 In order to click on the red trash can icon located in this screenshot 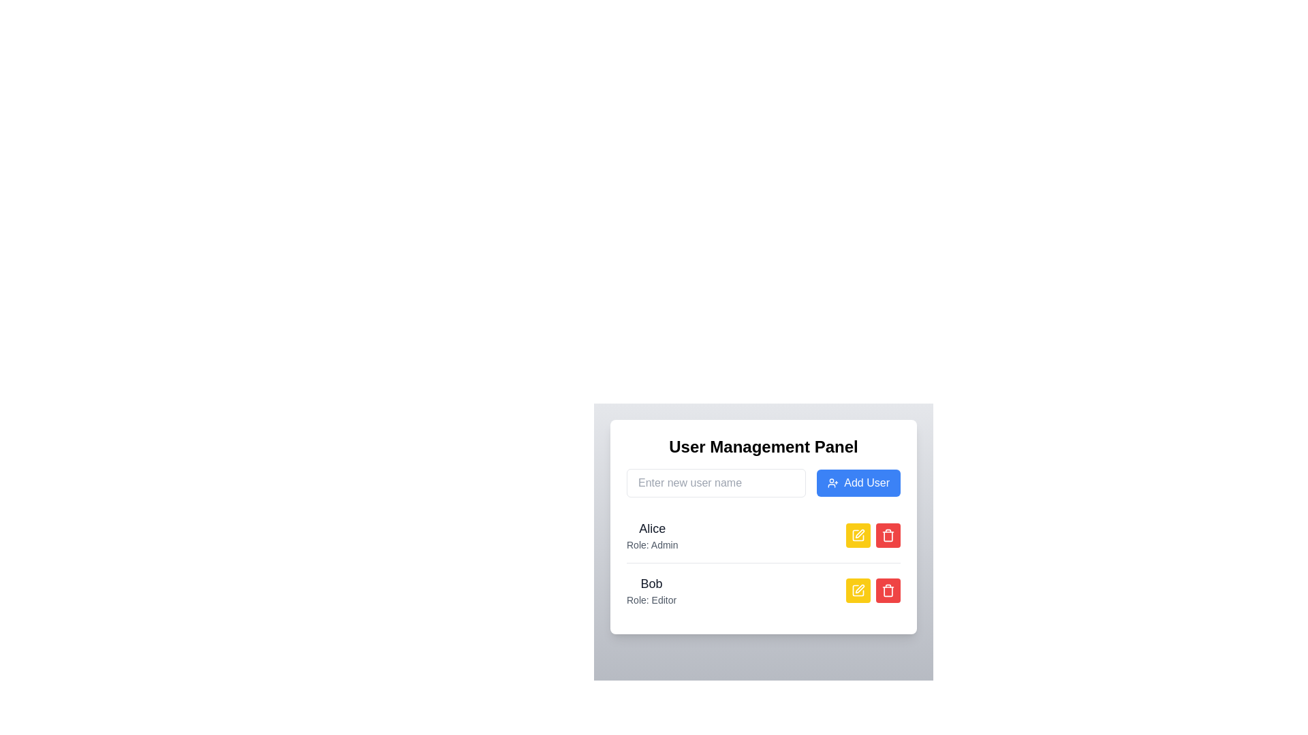, I will do `click(888, 534)`.